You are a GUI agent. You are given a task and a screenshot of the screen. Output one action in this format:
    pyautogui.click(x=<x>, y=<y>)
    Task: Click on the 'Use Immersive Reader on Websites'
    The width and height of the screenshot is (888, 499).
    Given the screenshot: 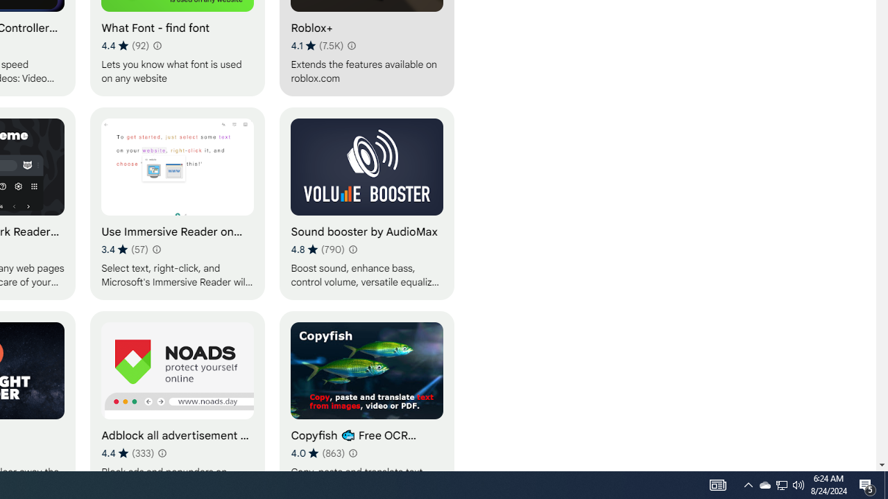 What is the action you would take?
    pyautogui.click(x=177, y=203)
    